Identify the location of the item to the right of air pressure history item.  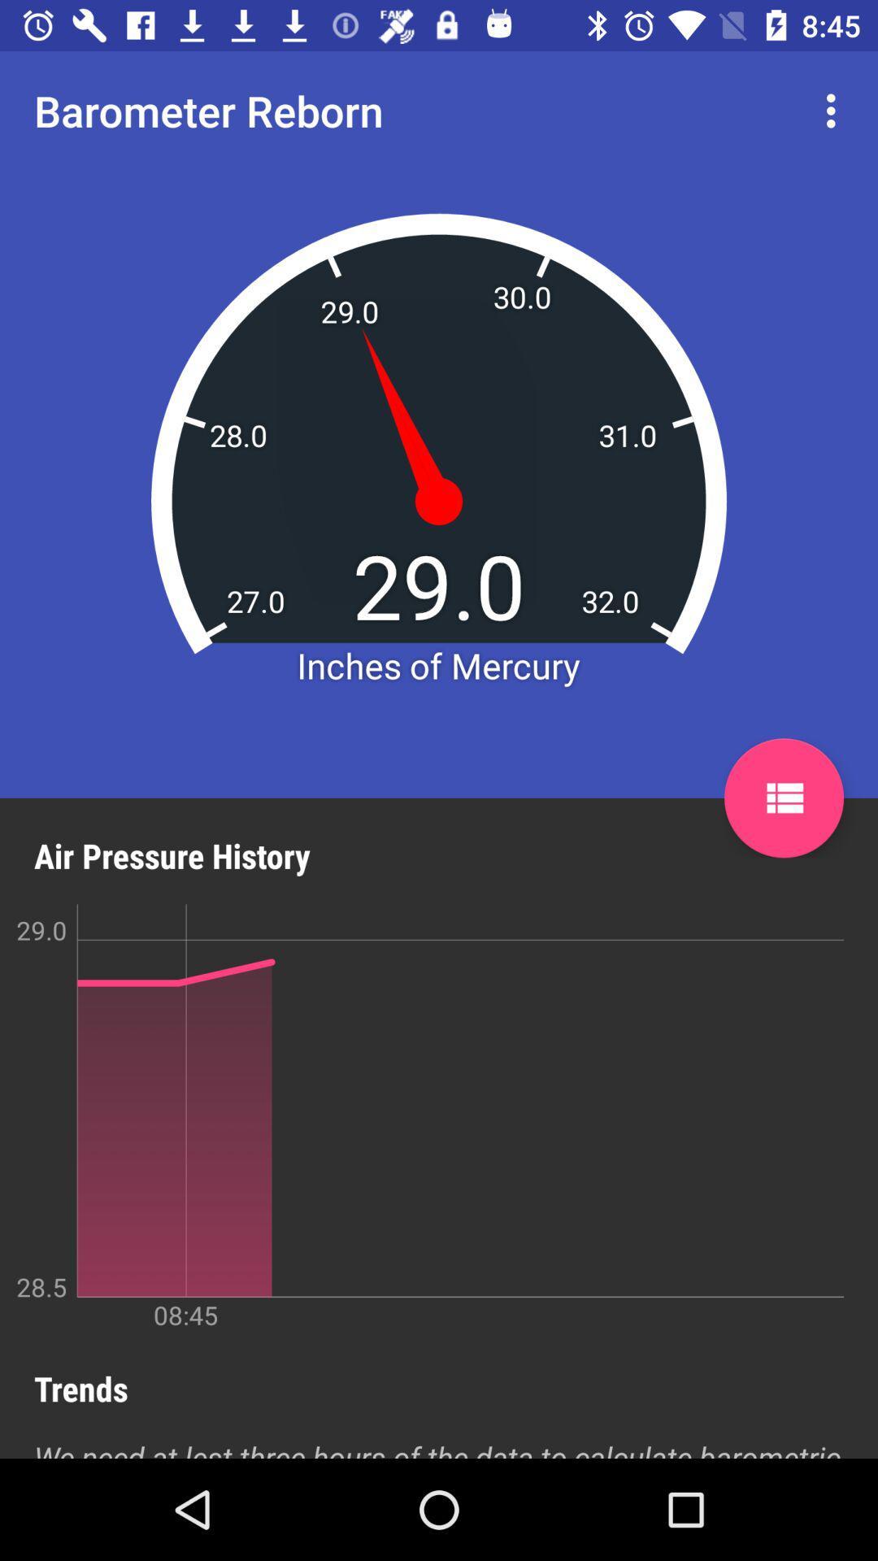
(783, 798).